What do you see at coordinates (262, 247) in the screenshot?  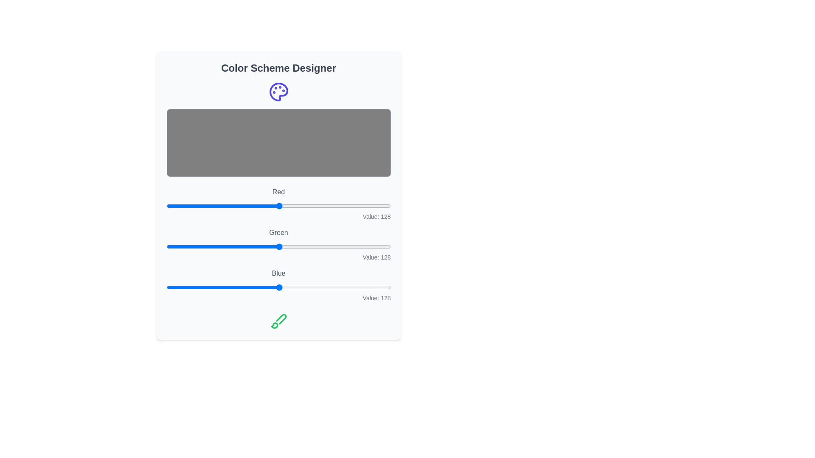 I see `the green color value` at bounding box center [262, 247].